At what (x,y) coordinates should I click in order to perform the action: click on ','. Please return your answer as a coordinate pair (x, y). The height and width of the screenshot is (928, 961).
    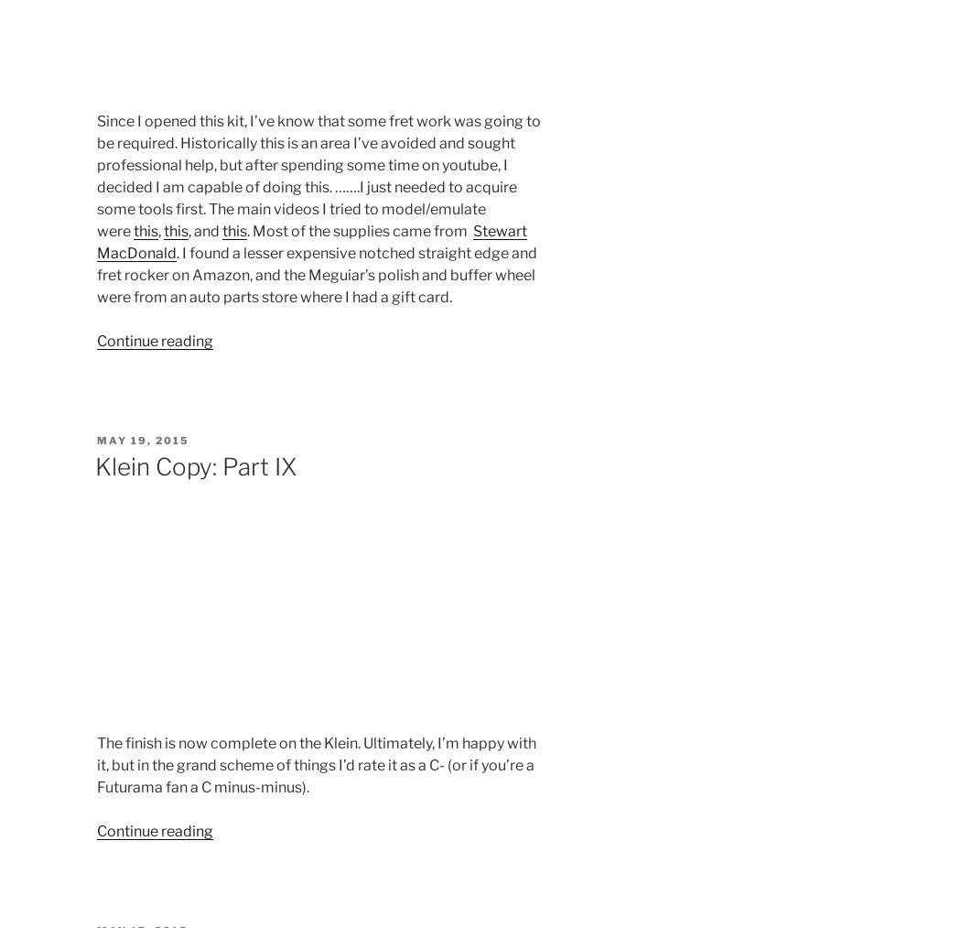
    Looking at the image, I should click on (157, 229).